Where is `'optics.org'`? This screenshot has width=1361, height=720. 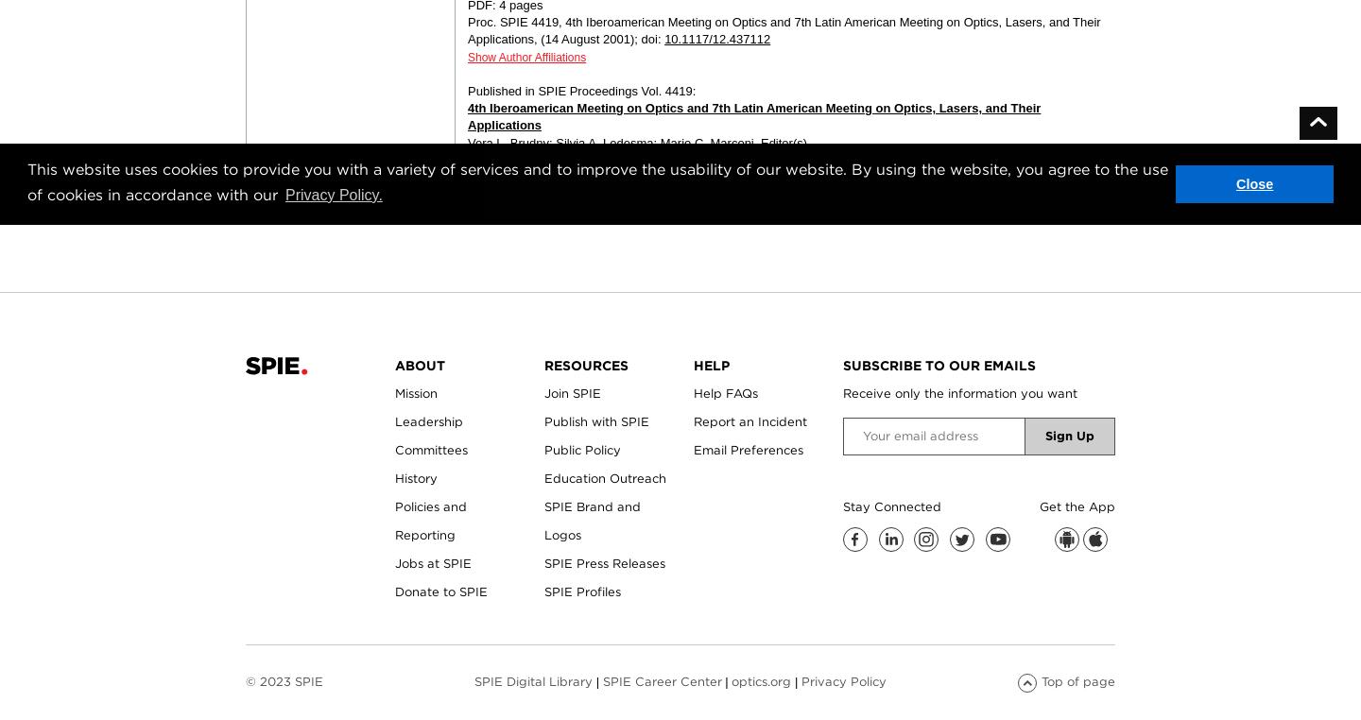
'optics.org' is located at coordinates (731, 680).